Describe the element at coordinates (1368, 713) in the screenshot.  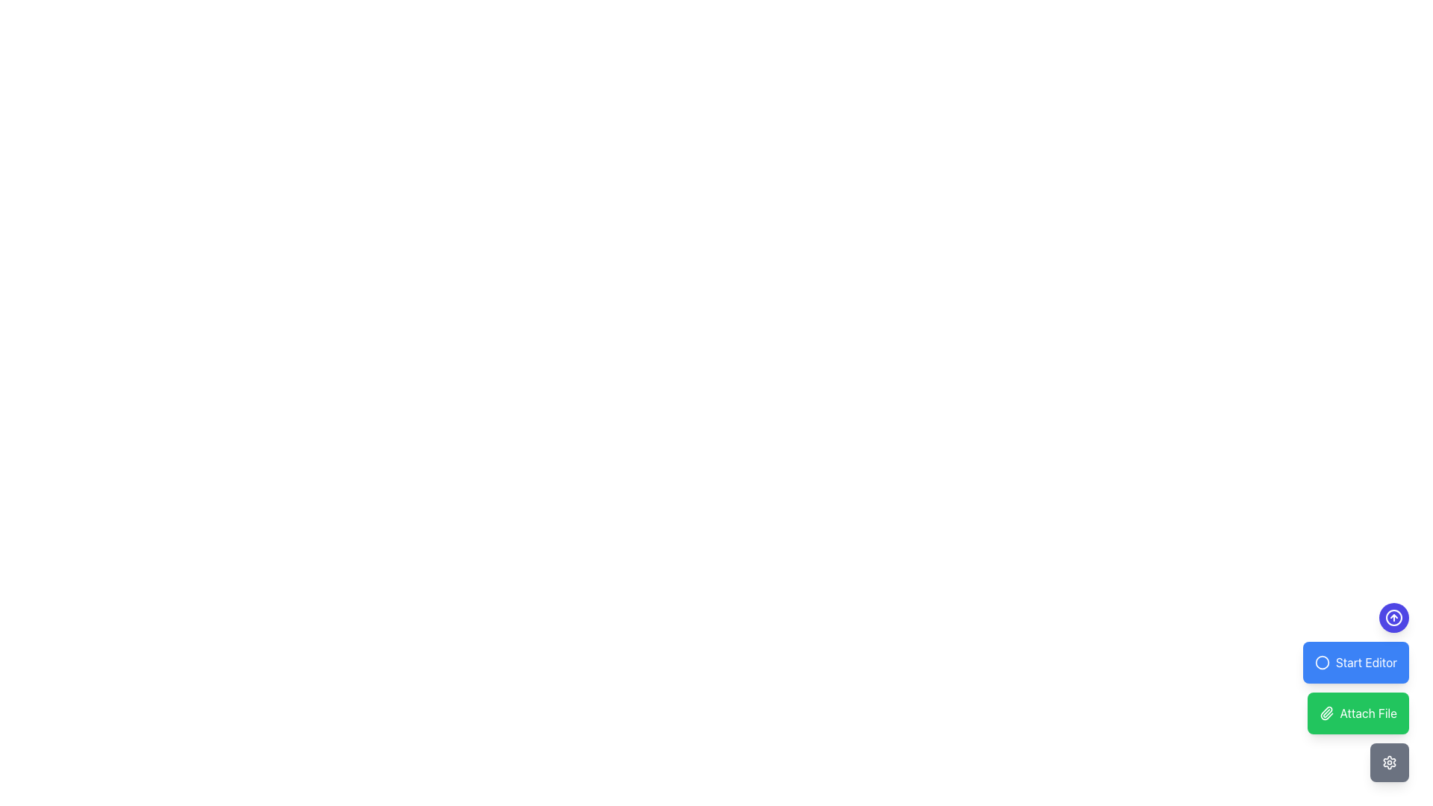
I see `the 'Attach File' text label button` at that location.